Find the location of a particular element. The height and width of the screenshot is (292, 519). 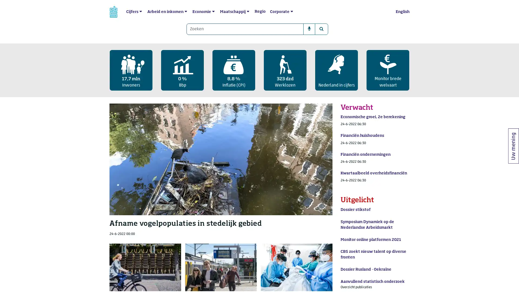

submenu Economie is located at coordinates (213, 11).